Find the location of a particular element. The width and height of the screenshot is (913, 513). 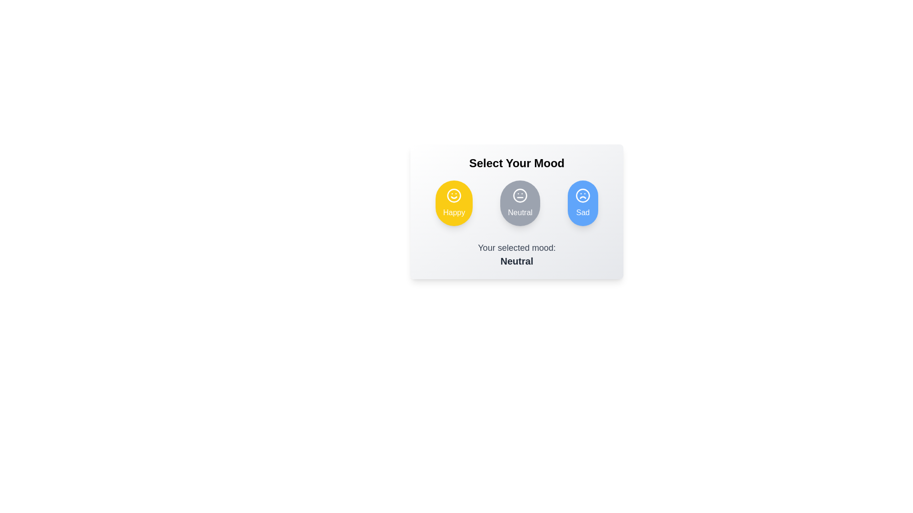

text label for the 'Sad' mood option, which is located at the bottom of the blue circular mood indicator and is the rightmost option in the horizontal alignment of mood descriptions is located at coordinates (582, 212).